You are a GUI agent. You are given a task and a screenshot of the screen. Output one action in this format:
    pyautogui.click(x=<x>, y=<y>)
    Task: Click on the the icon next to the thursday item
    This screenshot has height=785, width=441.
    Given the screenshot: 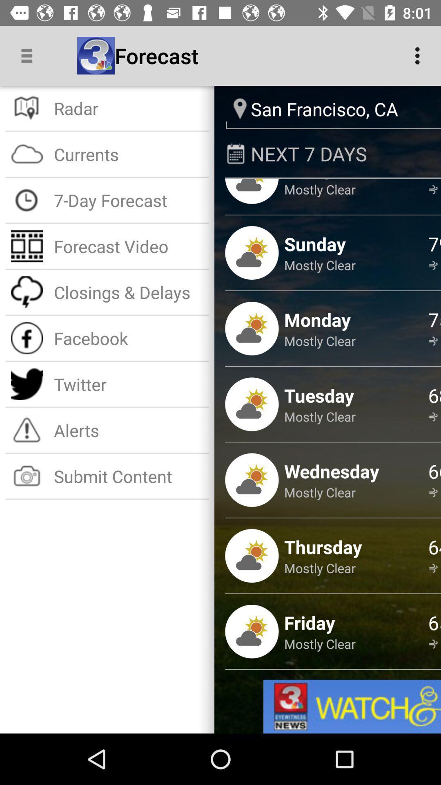 What is the action you would take?
    pyautogui.click(x=434, y=568)
    